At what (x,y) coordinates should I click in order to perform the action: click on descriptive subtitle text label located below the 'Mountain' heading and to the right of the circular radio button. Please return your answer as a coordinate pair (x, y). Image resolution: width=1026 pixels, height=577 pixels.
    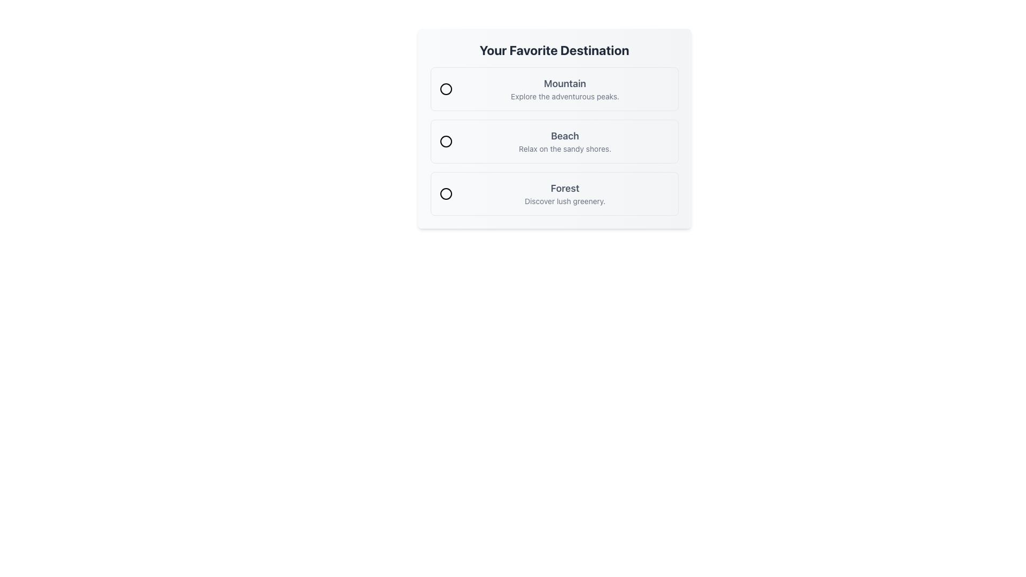
    Looking at the image, I should click on (564, 97).